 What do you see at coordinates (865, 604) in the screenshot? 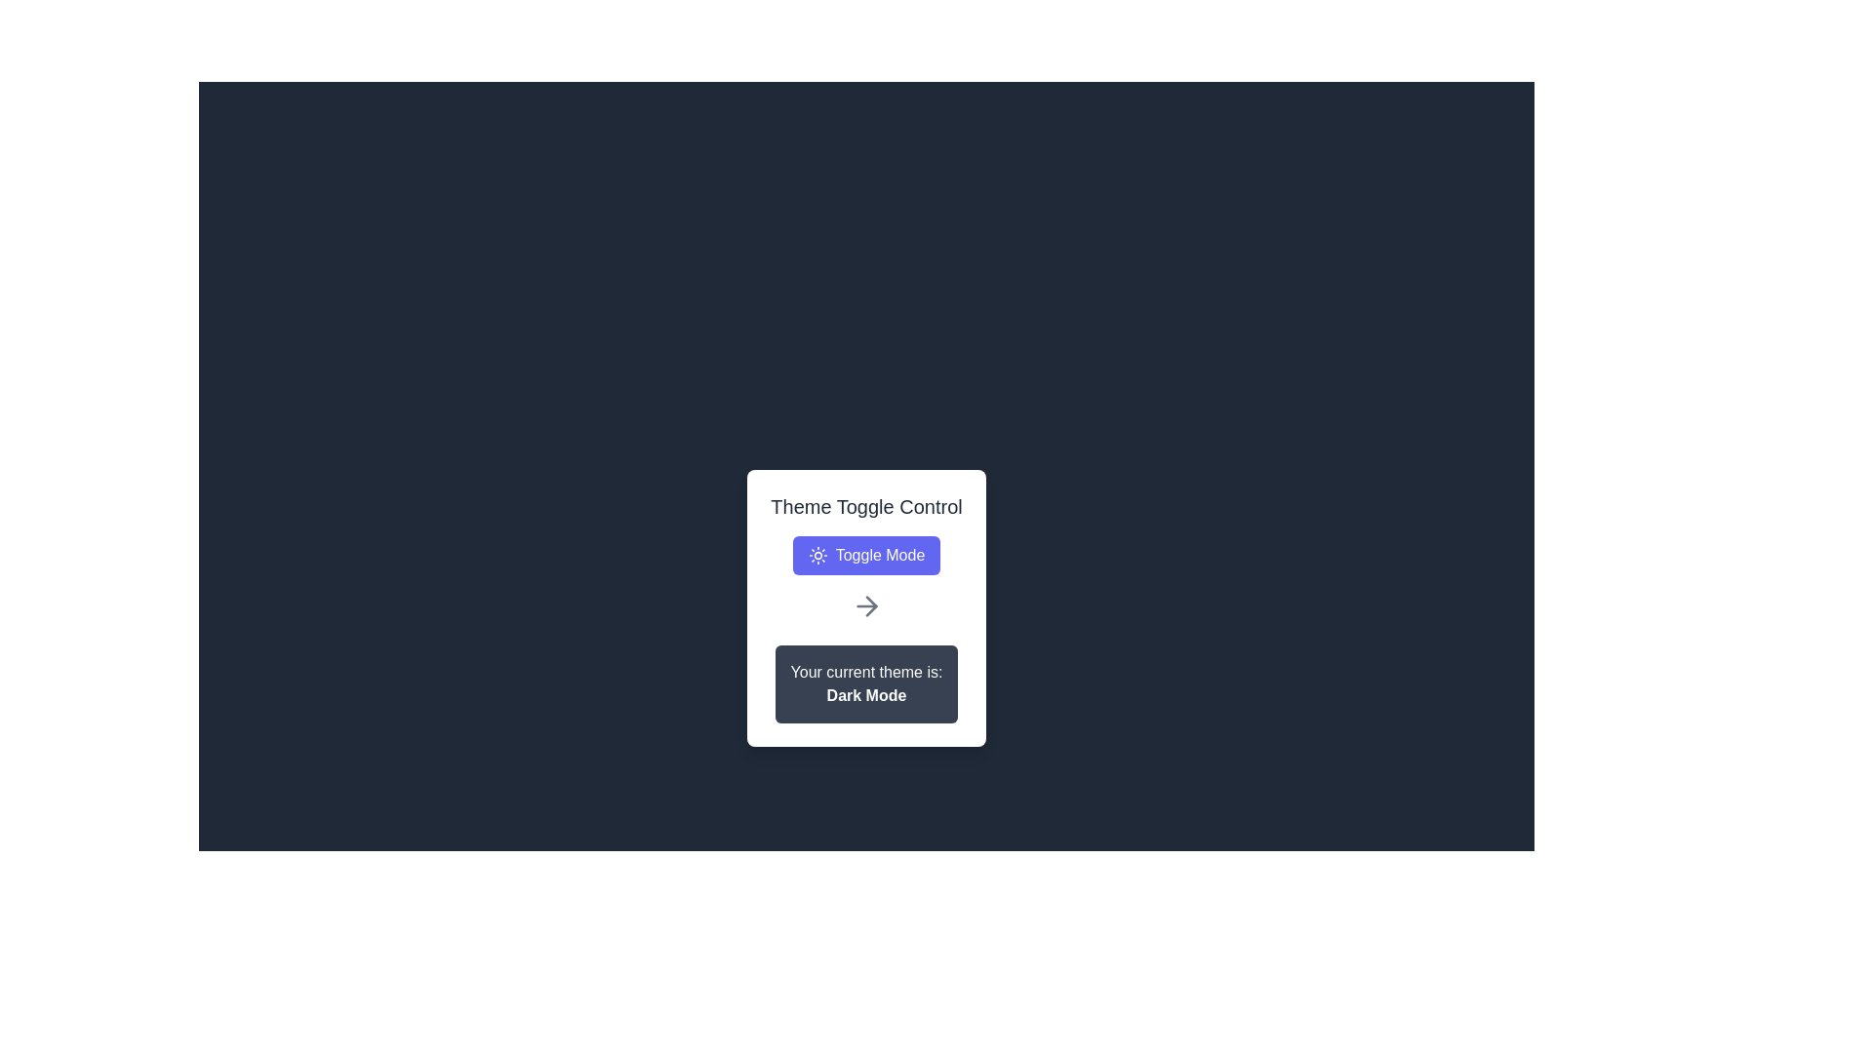
I see `the SVG rightward arrow icon element, which is gray and styled with a line width of 2, located within the 'Theme Toggle Control' card, positioned below the 'Toggle Mode' button` at bounding box center [865, 604].